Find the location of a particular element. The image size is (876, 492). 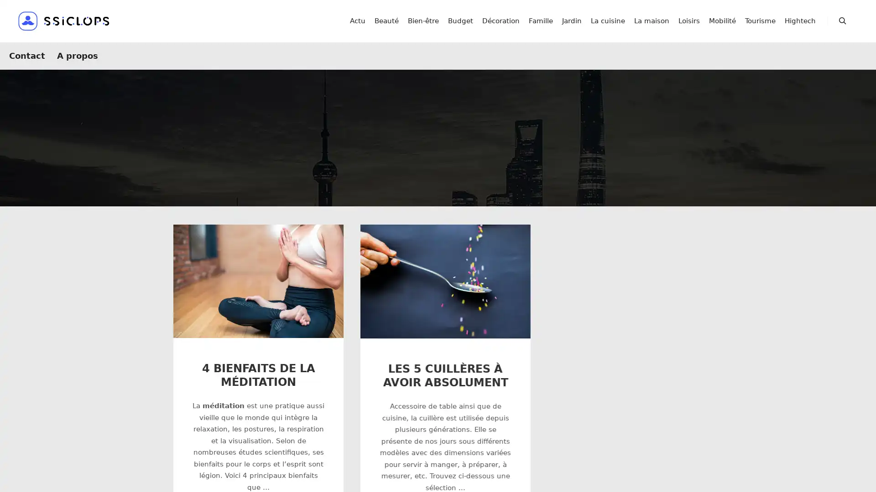

Rechercher is located at coordinates (842, 20).